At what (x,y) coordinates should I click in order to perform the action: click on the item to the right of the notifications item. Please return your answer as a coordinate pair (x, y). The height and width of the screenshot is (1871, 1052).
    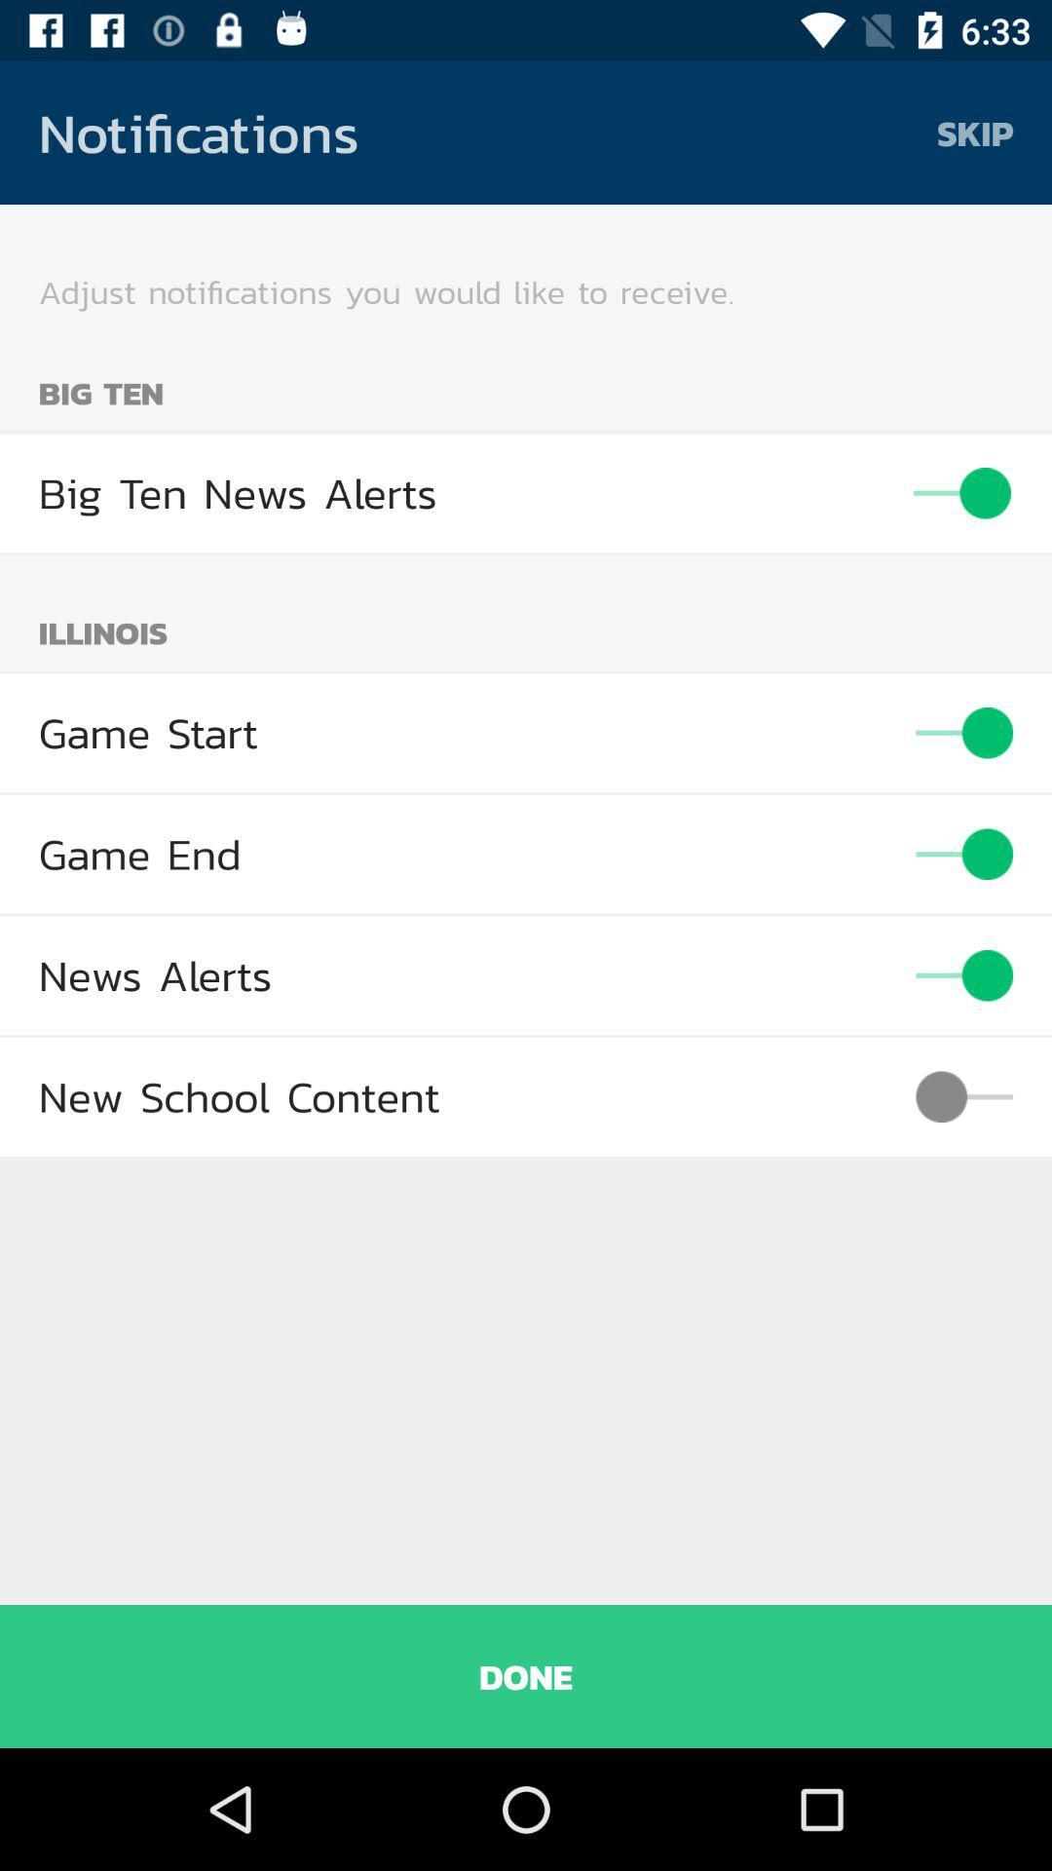
    Looking at the image, I should click on (975, 132).